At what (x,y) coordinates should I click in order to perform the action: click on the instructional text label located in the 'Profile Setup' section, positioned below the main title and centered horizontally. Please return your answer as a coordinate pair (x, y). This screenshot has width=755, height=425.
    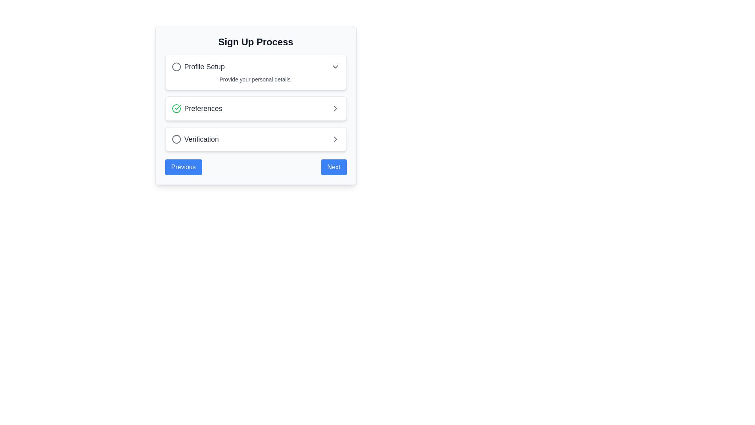
    Looking at the image, I should click on (256, 79).